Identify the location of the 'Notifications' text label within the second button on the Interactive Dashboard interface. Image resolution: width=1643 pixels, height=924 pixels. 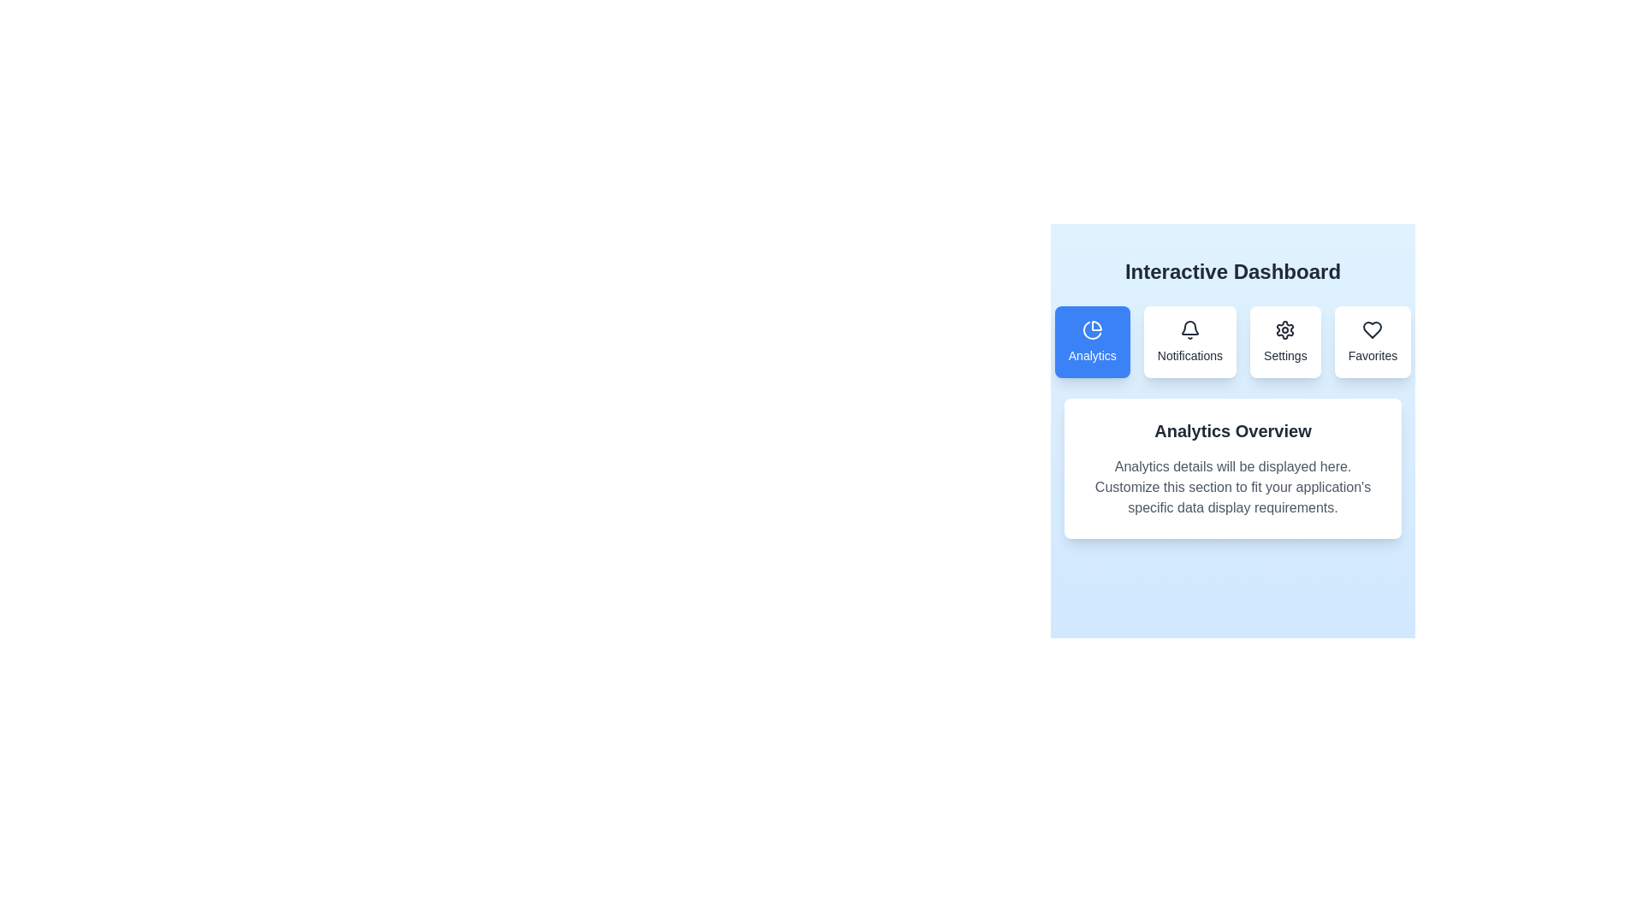
(1189, 355).